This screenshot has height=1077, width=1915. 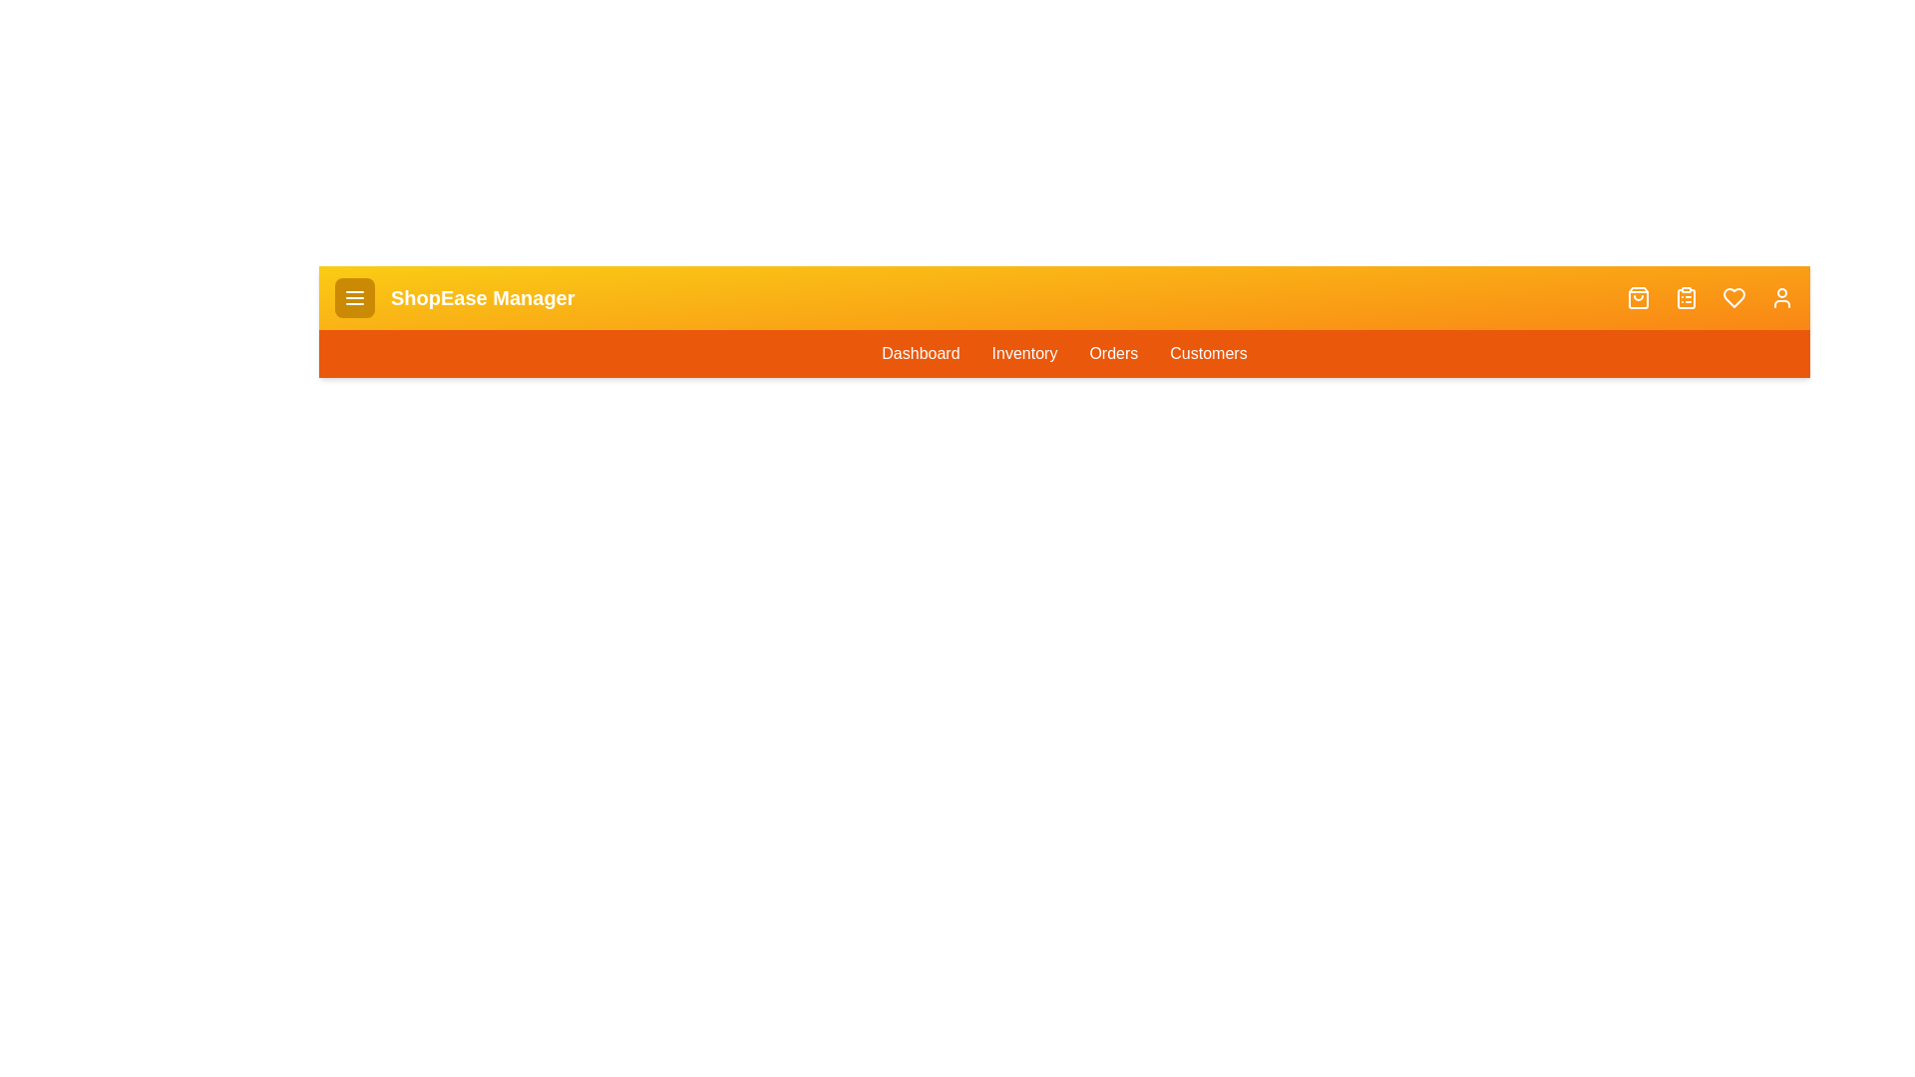 What do you see at coordinates (1685, 298) in the screenshot?
I see `the clipboard_list_icon to observe its hover effect` at bounding box center [1685, 298].